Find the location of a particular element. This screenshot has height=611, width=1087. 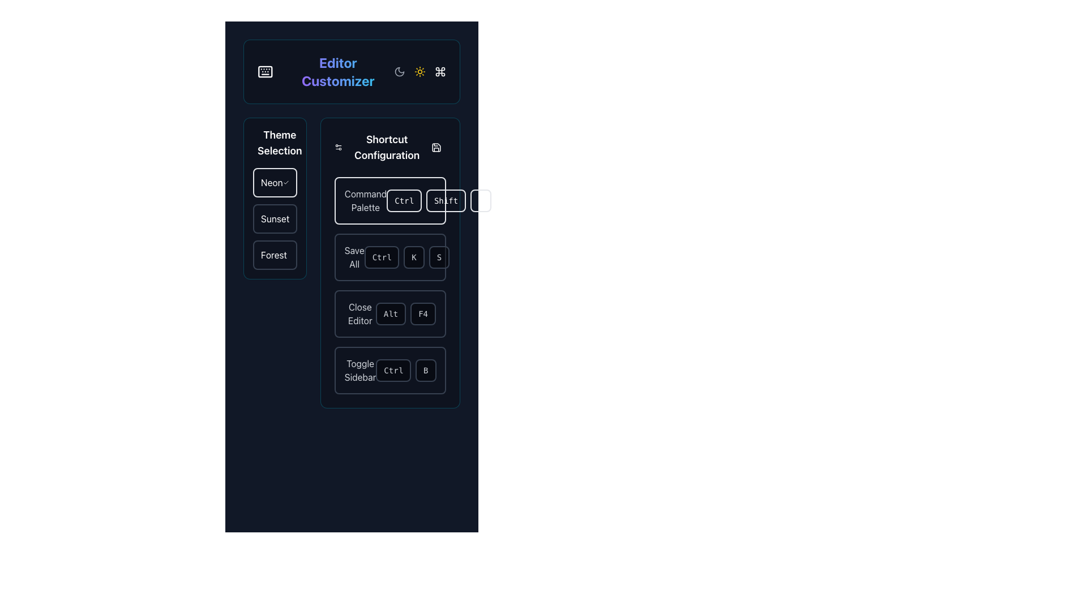

the icon set or button group located at the upper-right corner of the 'Editor Customizer' panel is located at coordinates (420, 72).